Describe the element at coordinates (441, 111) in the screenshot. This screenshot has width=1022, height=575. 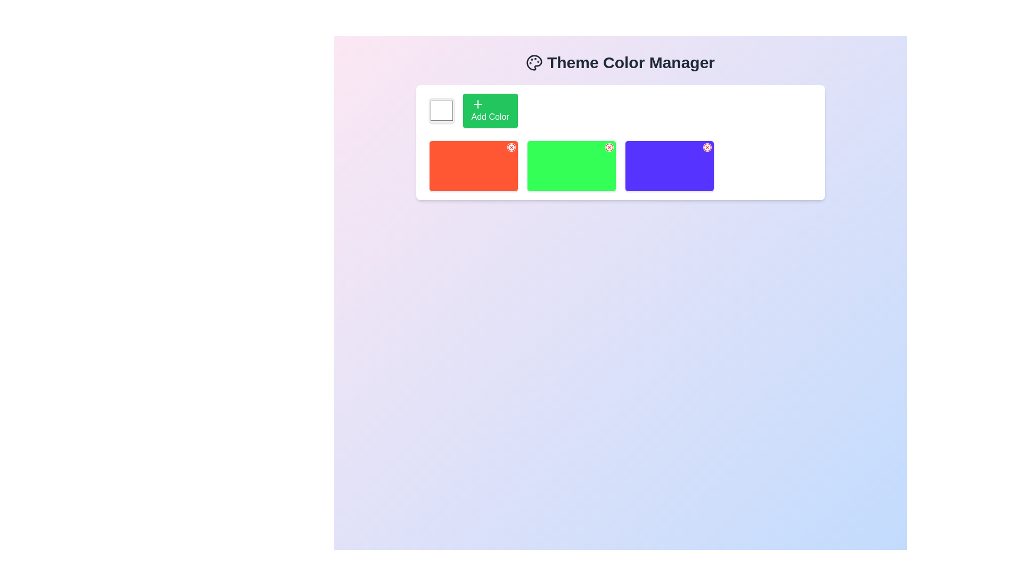
I see `the first color swatch in the Color Picker` at that location.